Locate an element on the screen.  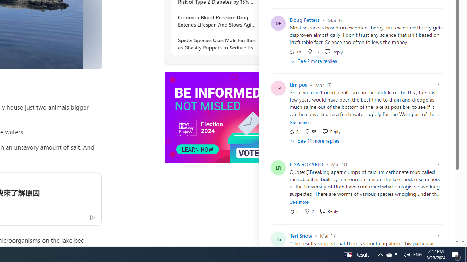
'Dislike' is located at coordinates (309, 211).